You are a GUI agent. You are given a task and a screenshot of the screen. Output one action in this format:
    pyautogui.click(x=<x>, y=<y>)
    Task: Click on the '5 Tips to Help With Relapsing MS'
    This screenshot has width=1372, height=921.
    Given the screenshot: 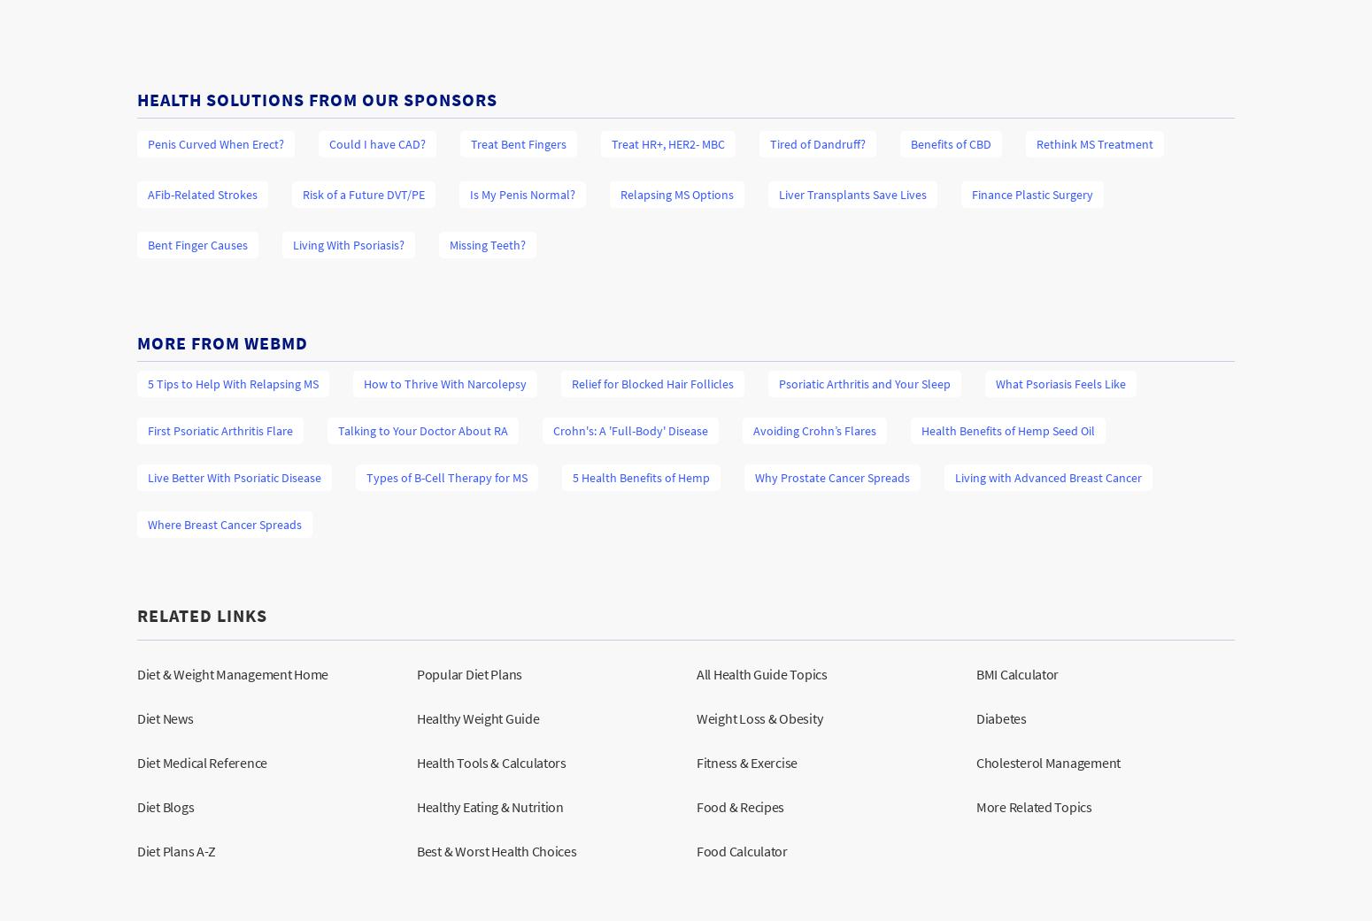 What is the action you would take?
    pyautogui.click(x=233, y=381)
    